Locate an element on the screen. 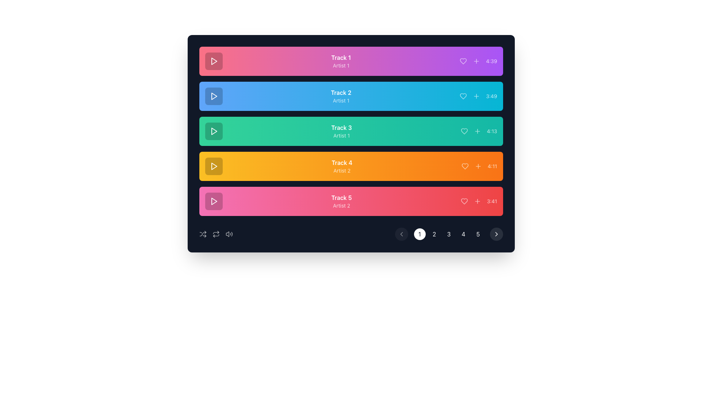 This screenshot has width=701, height=394. the circular button with a left-pointing chevron icon at its center is located at coordinates (401, 234).